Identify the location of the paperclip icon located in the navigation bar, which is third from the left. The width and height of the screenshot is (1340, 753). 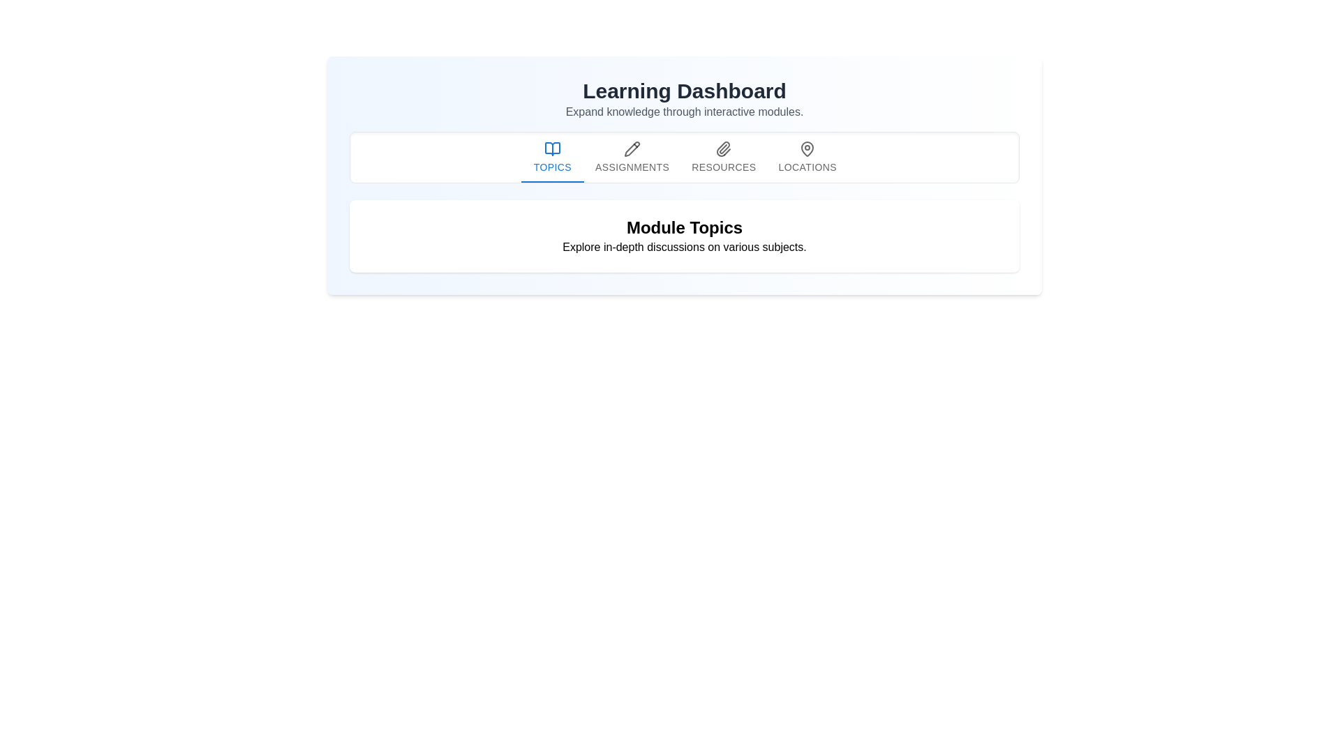
(723, 149).